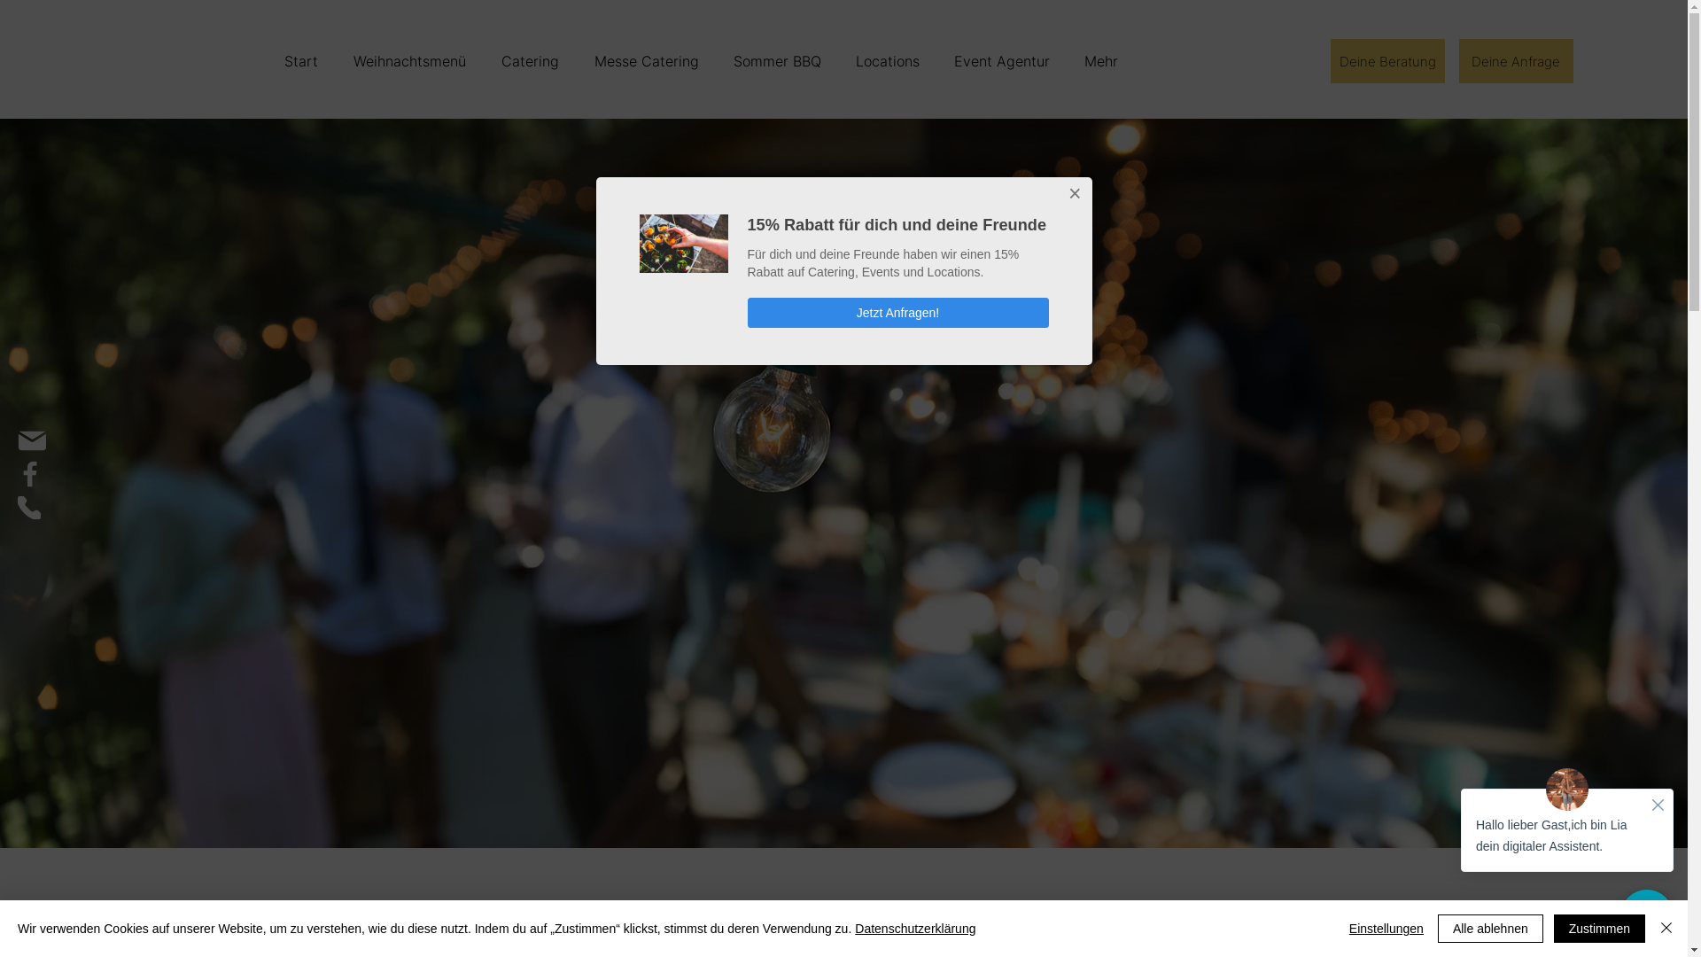 This screenshot has height=957, width=1701. What do you see at coordinates (836, 60) in the screenshot?
I see `'Locations'` at bounding box center [836, 60].